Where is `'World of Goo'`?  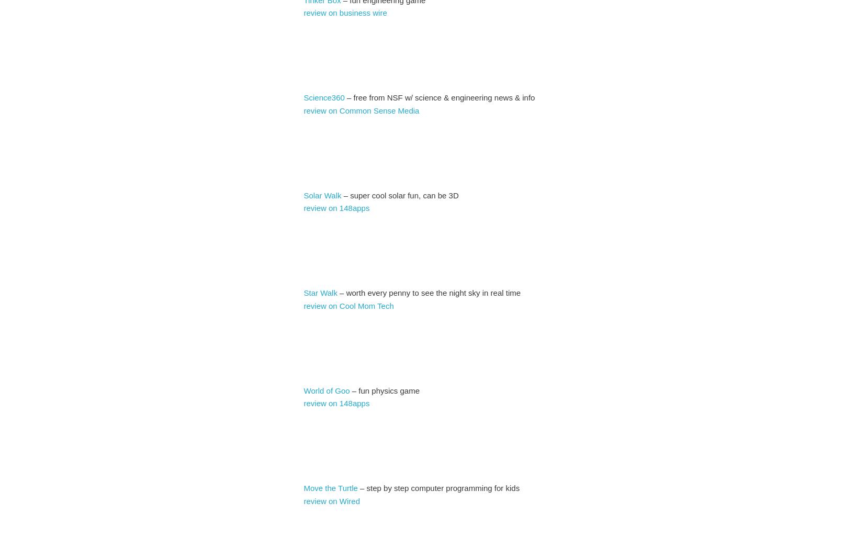
'World of Goo' is located at coordinates (303, 389).